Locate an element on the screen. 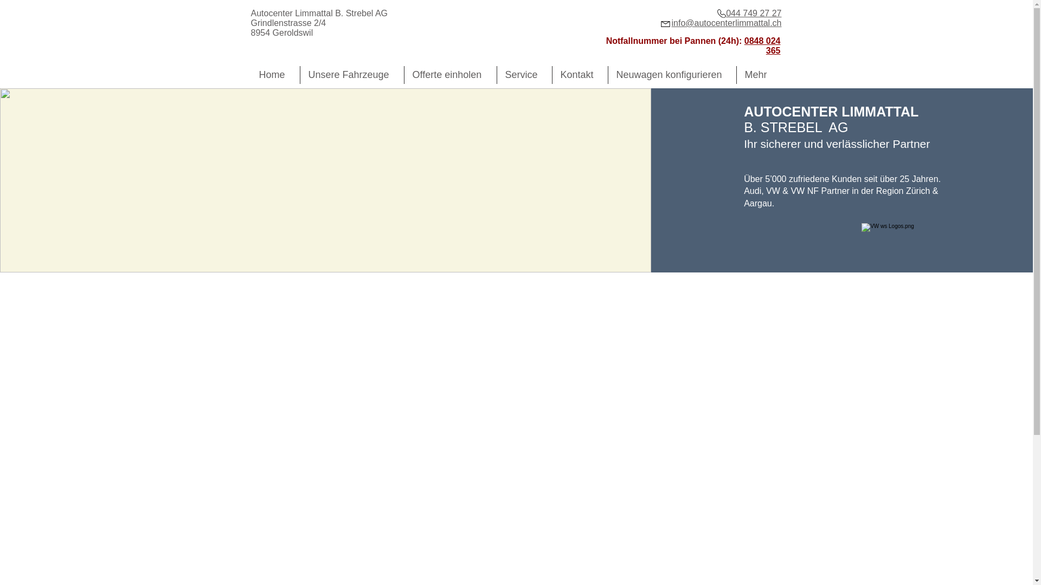 Image resolution: width=1041 pixels, height=585 pixels. 'Offerte einholen' is located at coordinates (450, 74).